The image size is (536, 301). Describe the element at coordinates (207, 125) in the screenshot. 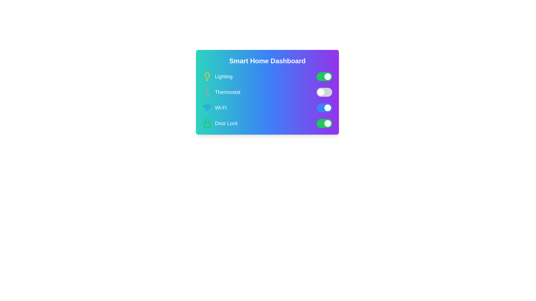

I see `the lower rectangular body portion of the padlock icon, which is the fourth item labeled 'Door Lock' in the vertical list` at that location.